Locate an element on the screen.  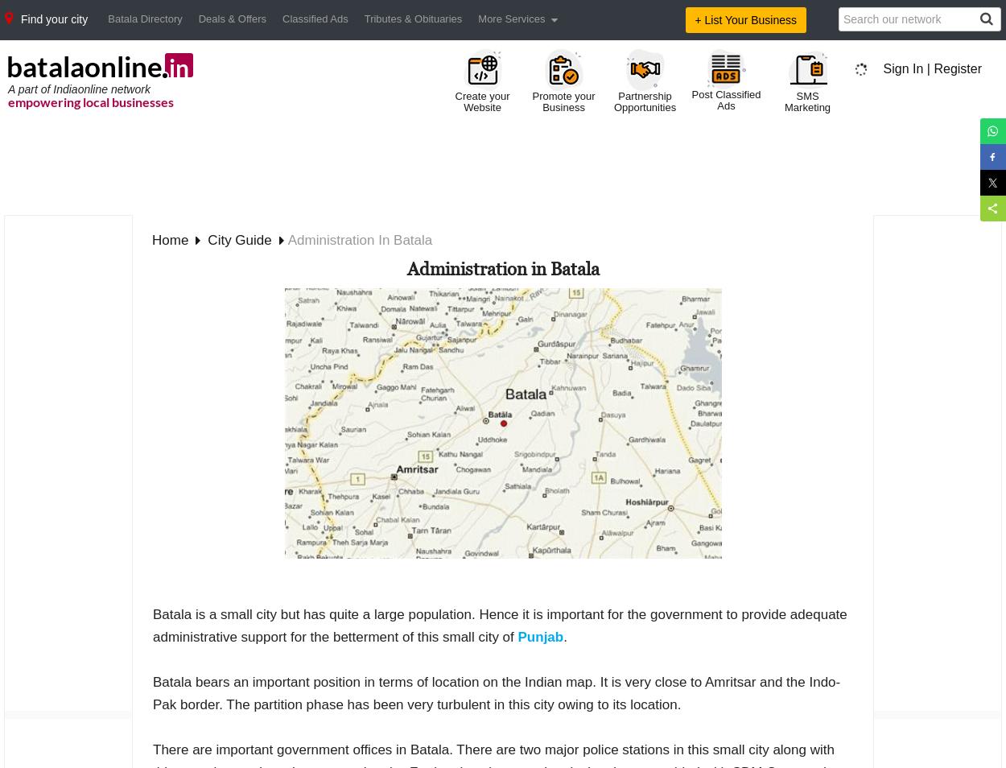
'city guide' is located at coordinates (239, 240).